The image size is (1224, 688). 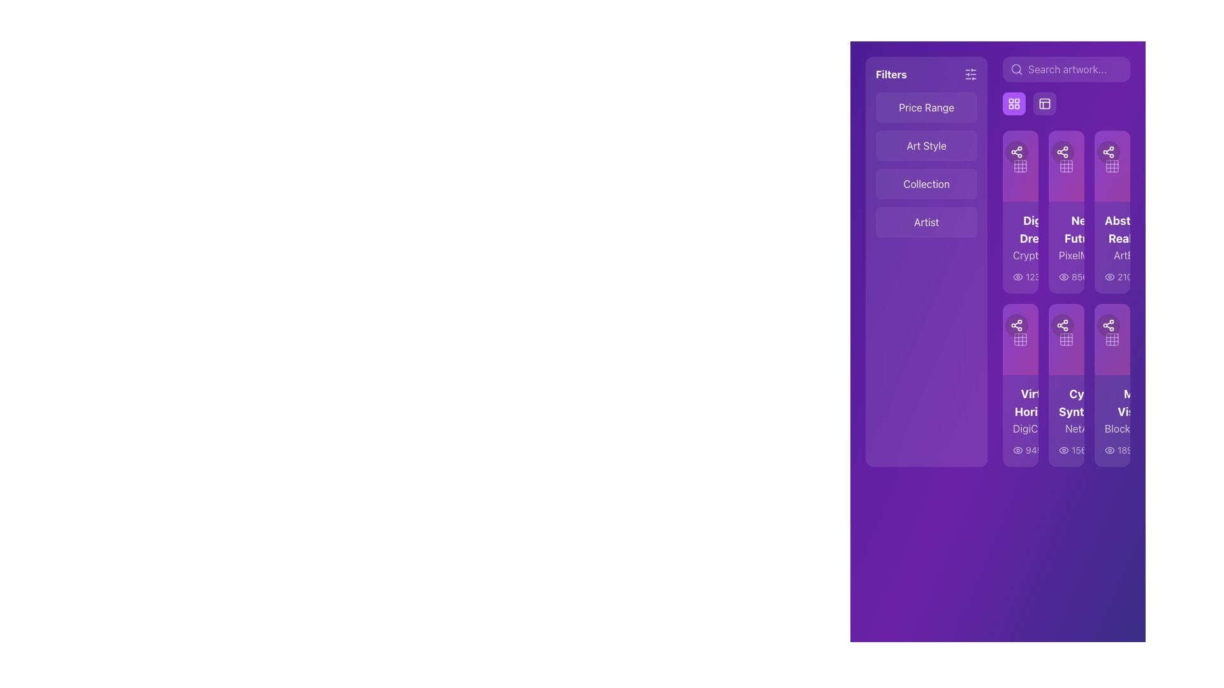 I want to click on the Text label displaying the number '89', which is styled with light coloring against a purple background and located adjacent to an eye glyph in a card interface, so click(x=1065, y=276).